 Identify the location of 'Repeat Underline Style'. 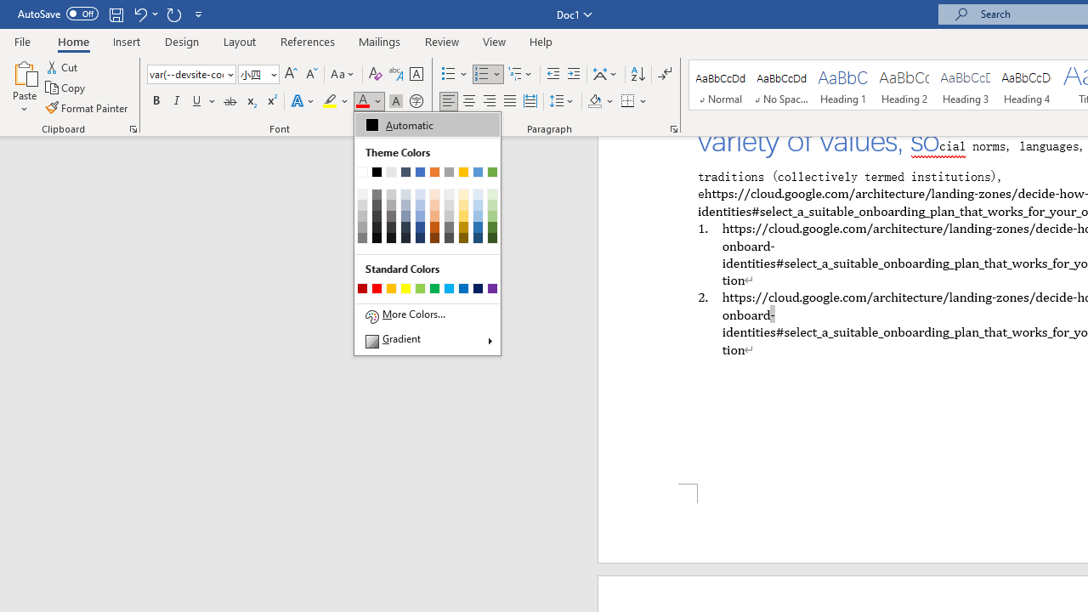
(173, 14).